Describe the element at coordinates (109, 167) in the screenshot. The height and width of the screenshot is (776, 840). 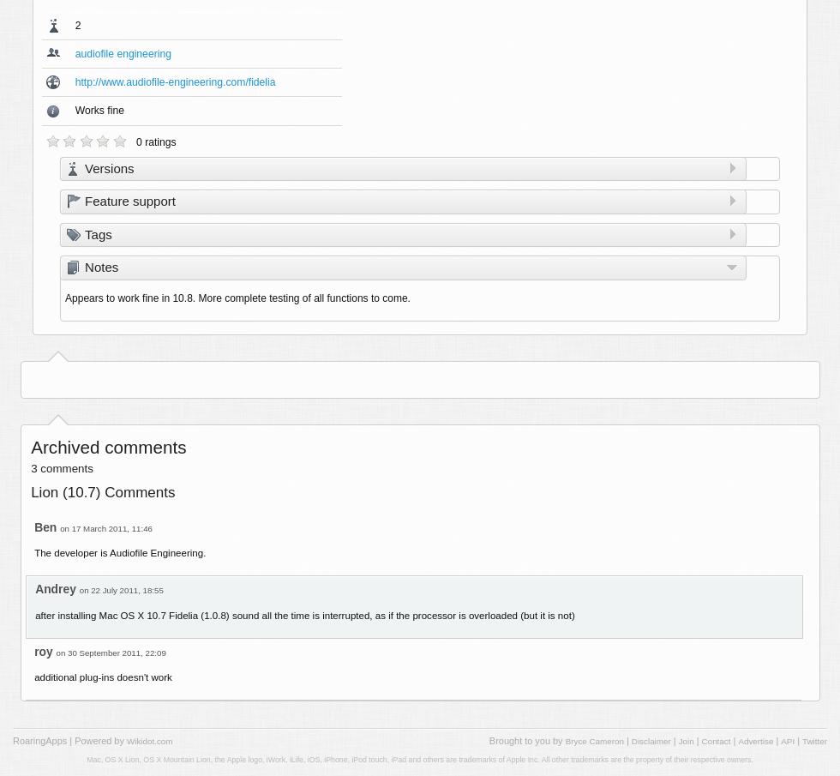
I see `'Versions'` at that location.